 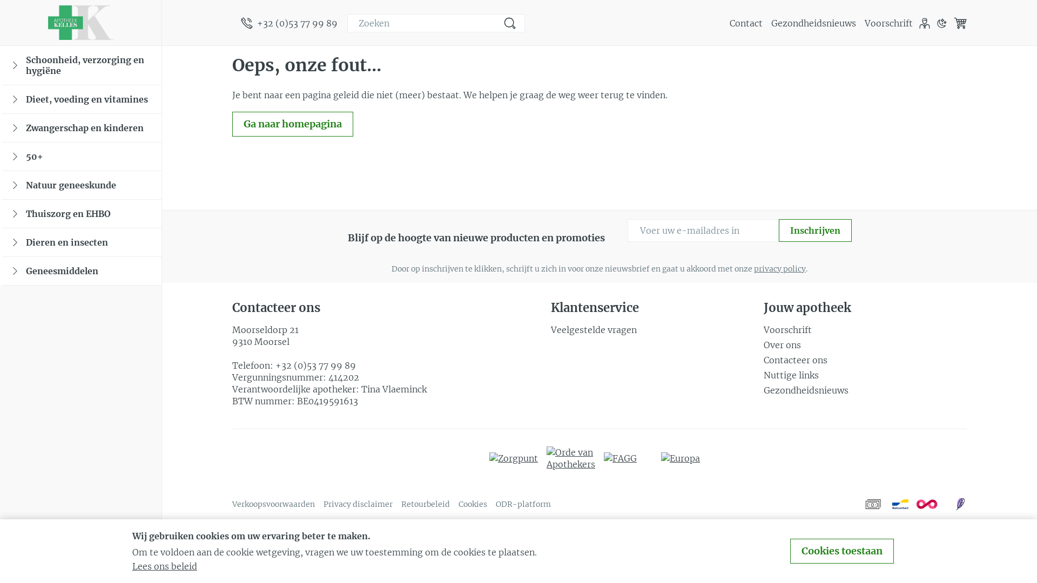 I want to click on 'Retourbeleid', so click(x=425, y=504).